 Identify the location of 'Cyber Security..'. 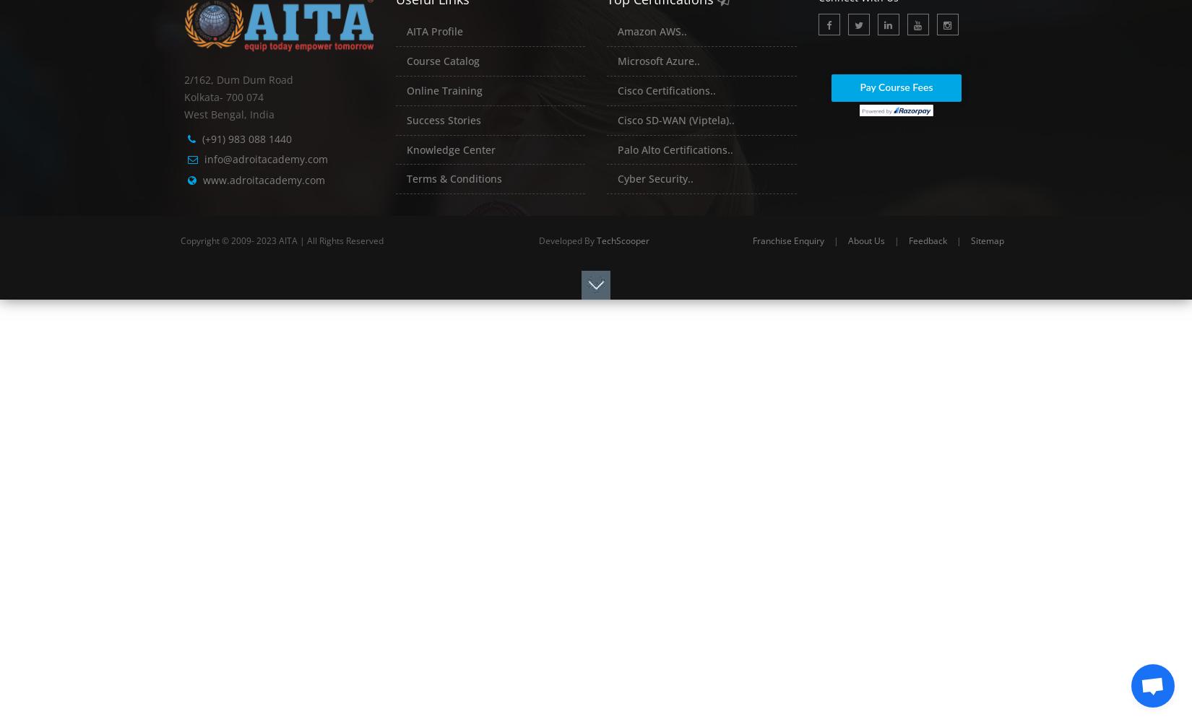
(655, 178).